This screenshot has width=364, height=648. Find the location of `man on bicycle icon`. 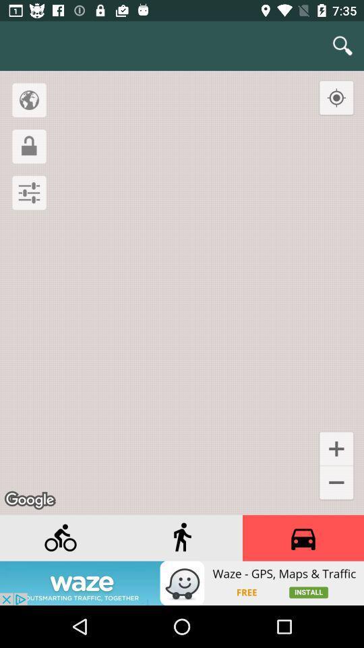

man on bicycle icon is located at coordinates (60, 538).